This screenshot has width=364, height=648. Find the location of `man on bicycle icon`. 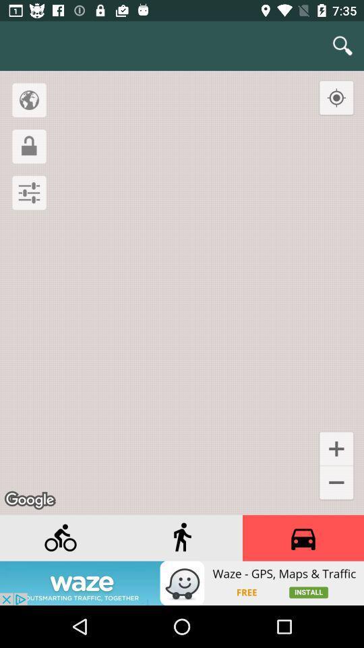

man on bicycle icon is located at coordinates (60, 538).